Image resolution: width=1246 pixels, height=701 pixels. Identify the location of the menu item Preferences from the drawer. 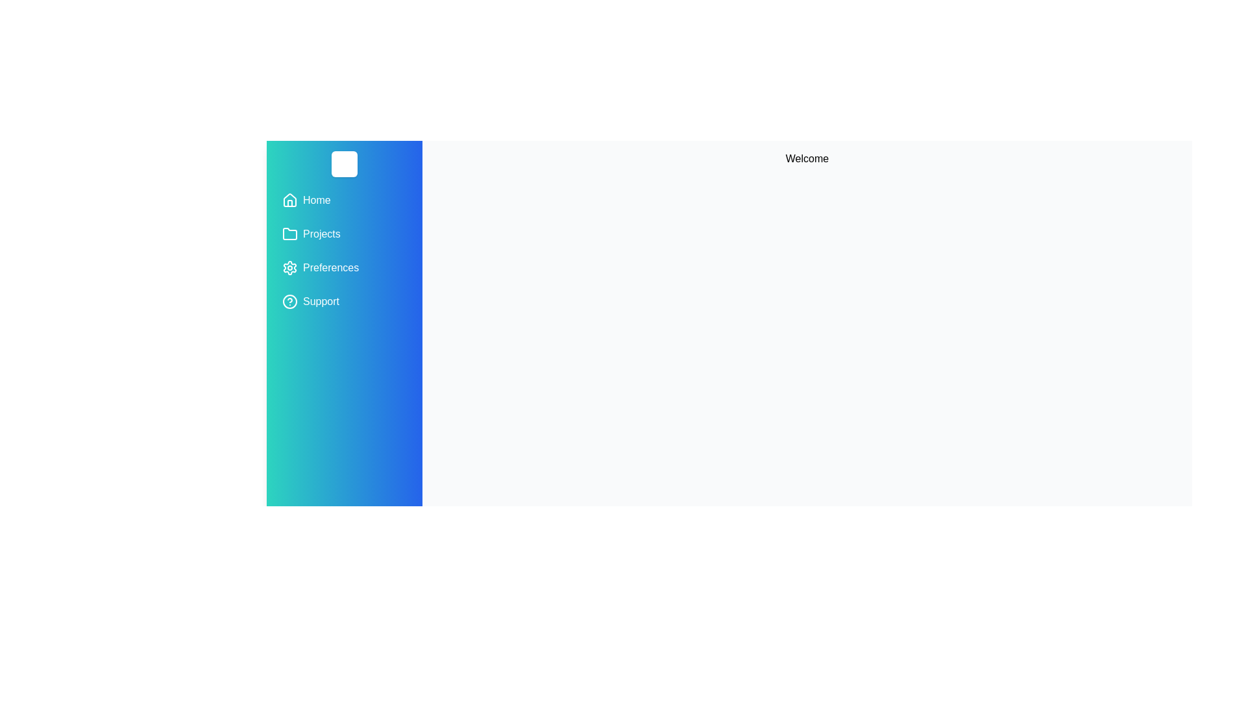
(345, 267).